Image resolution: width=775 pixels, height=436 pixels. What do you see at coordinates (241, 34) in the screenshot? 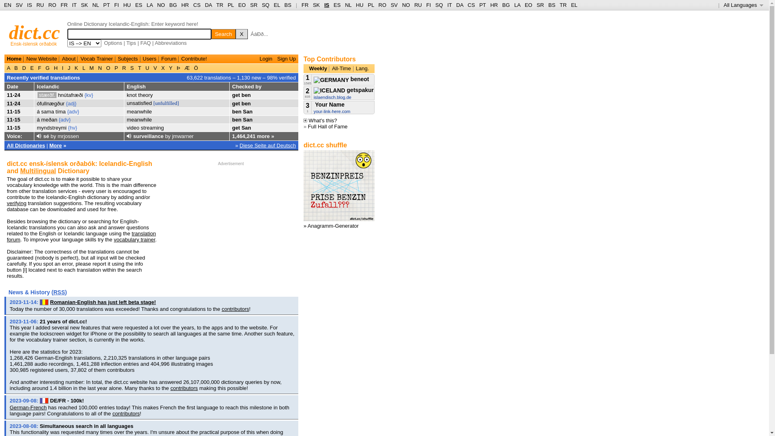
I see `'X'` at bounding box center [241, 34].